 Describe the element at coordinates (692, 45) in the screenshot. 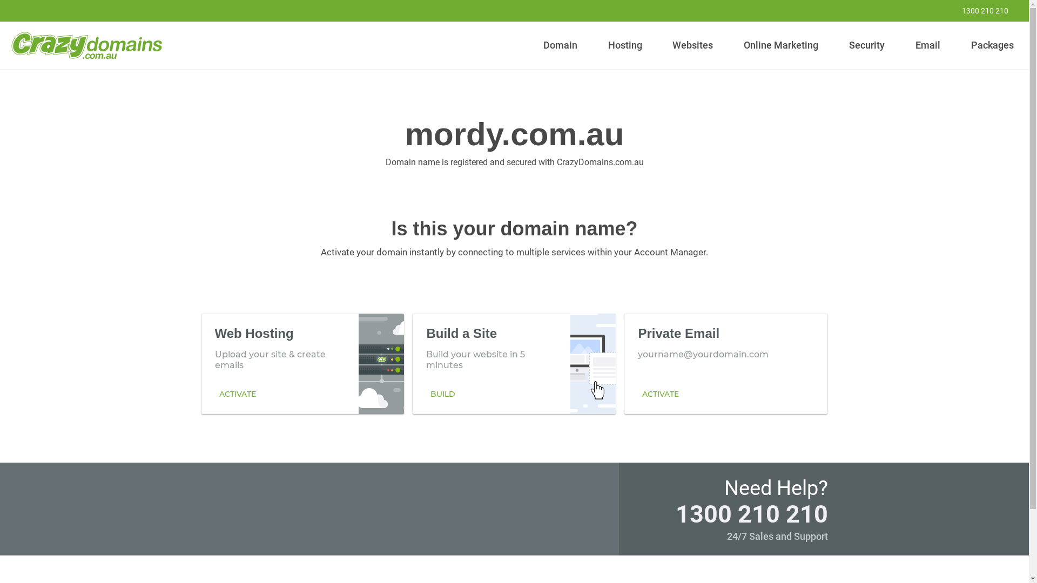

I see `'Websites'` at that location.